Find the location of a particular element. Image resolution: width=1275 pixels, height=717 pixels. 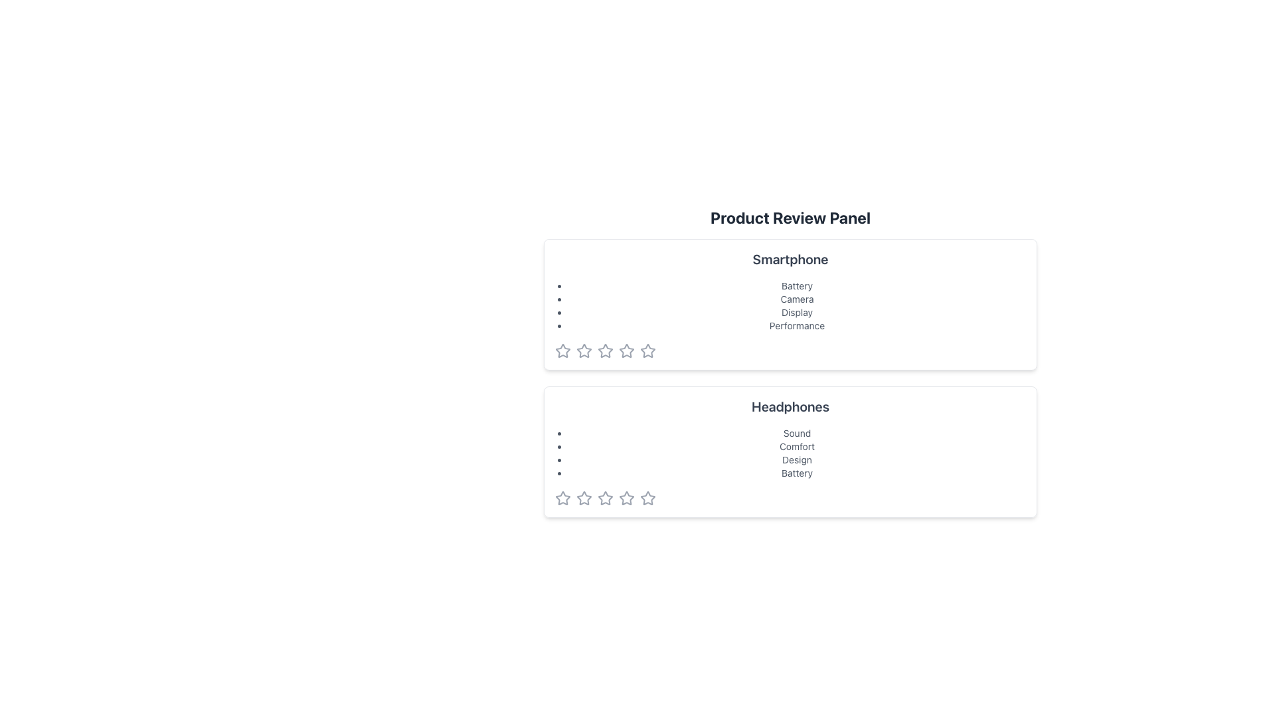

the third star icon in the rating system of the 'Headphones' section to trigger visual feedback is located at coordinates (626, 498).